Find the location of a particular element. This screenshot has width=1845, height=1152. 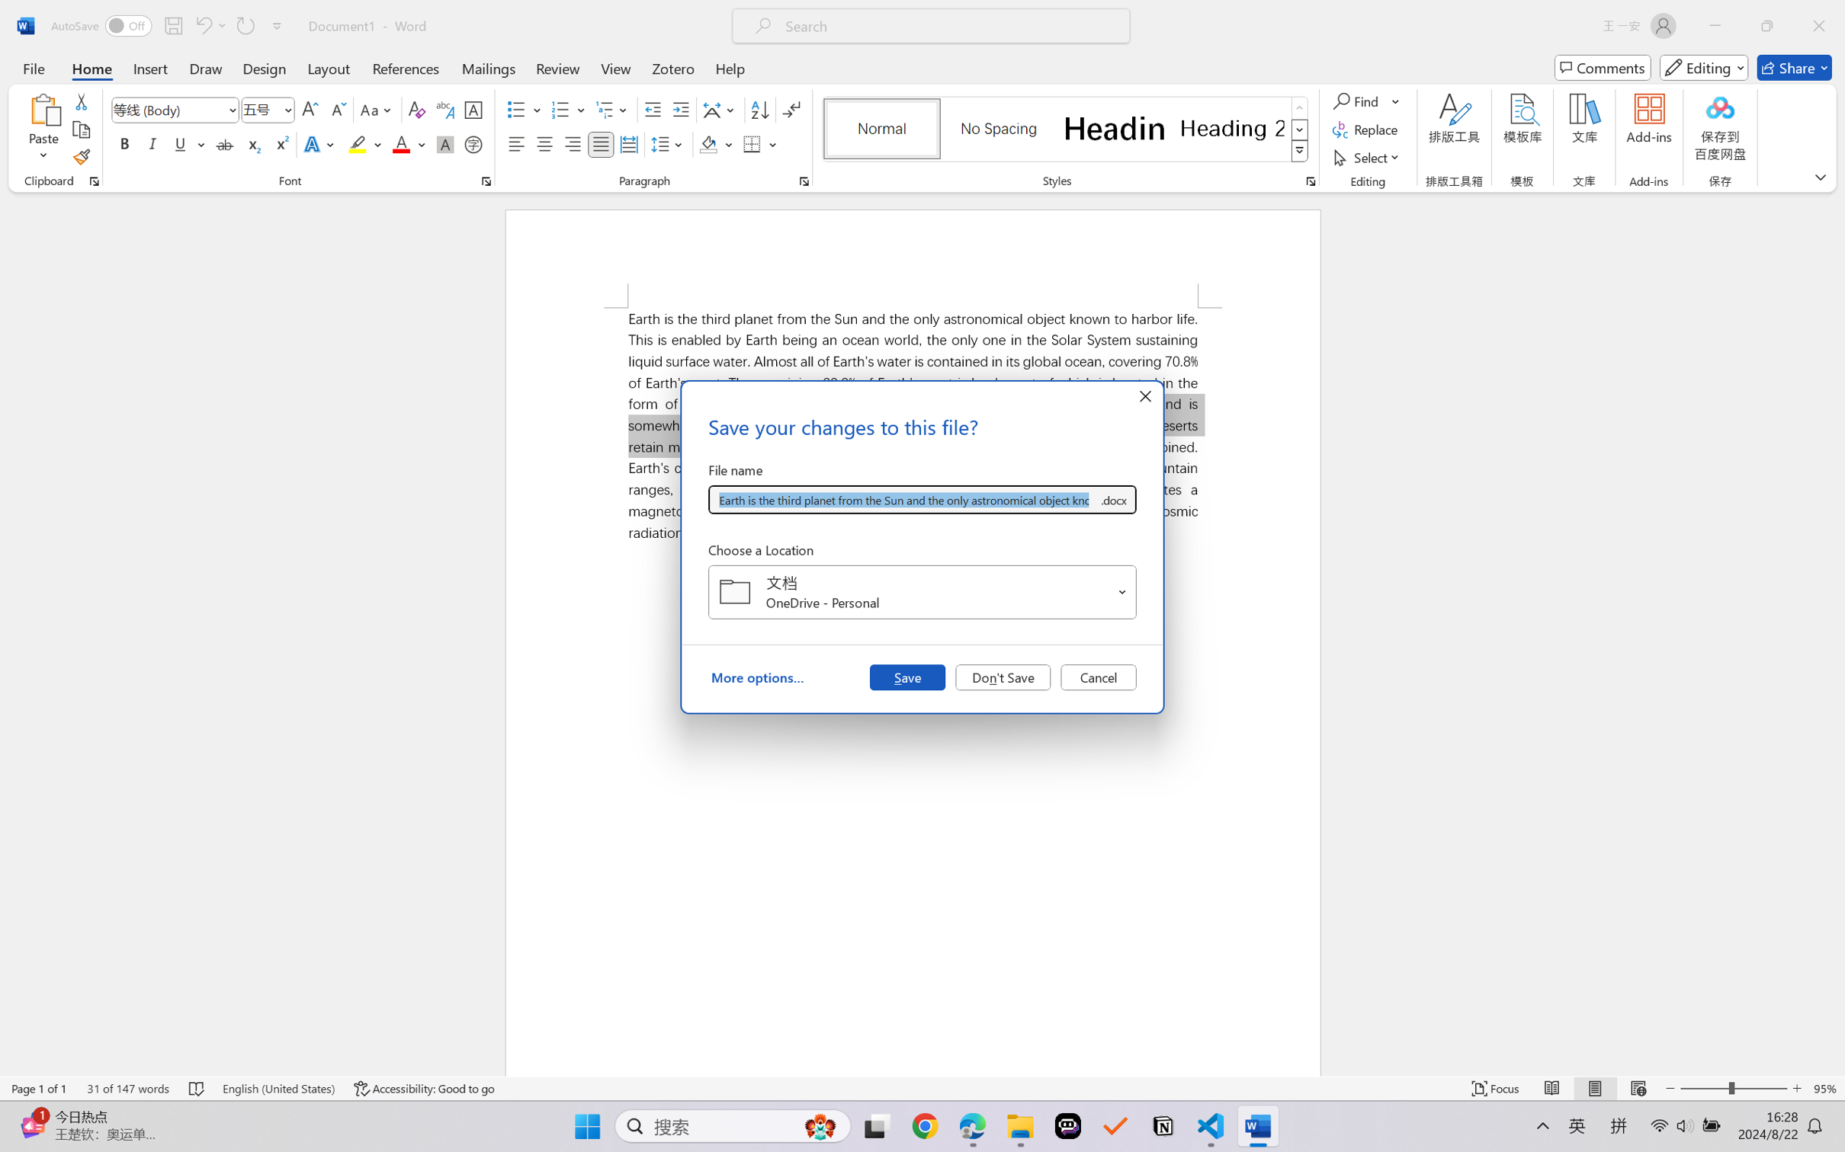

'Paragraph...' is located at coordinates (804, 181).